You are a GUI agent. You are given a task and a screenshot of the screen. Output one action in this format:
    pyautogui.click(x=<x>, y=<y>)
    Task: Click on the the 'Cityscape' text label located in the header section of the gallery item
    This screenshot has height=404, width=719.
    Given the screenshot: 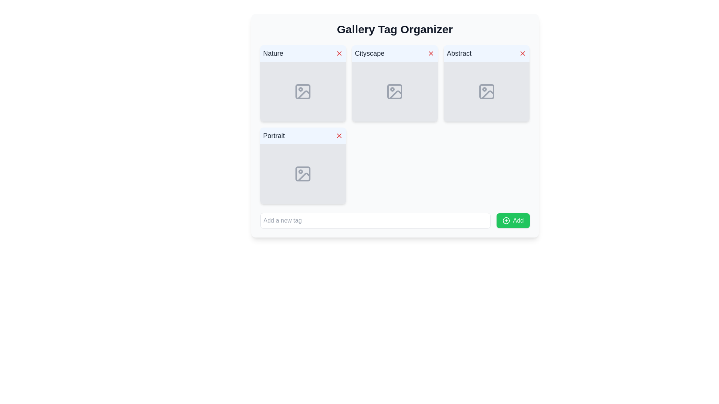 What is the action you would take?
    pyautogui.click(x=370, y=53)
    